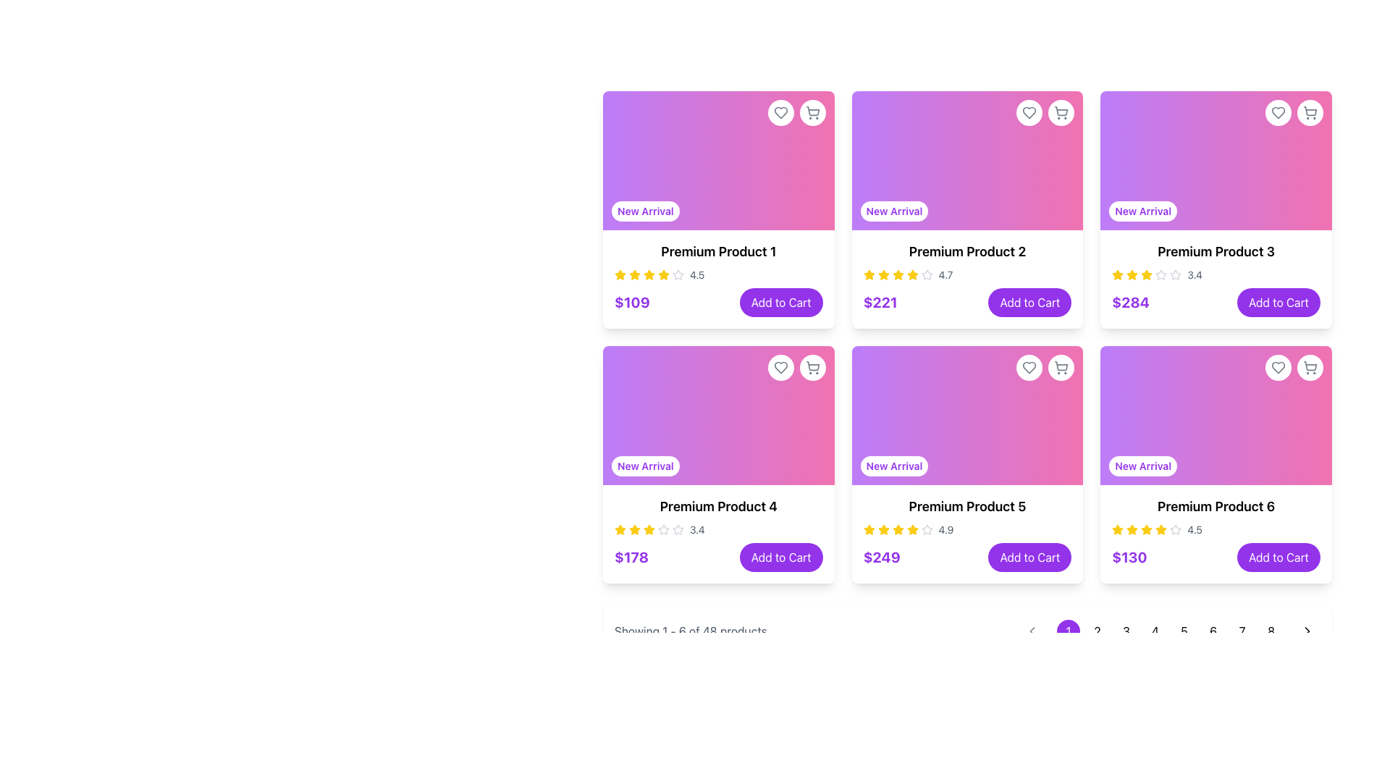 Image resolution: width=1390 pixels, height=782 pixels. What do you see at coordinates (1061, 367) in the screenshot?
I see `the circular button with a shopping cart icon in the top-right corner of the 'Premium Product 5' card` at bounding box center [1061, 367].